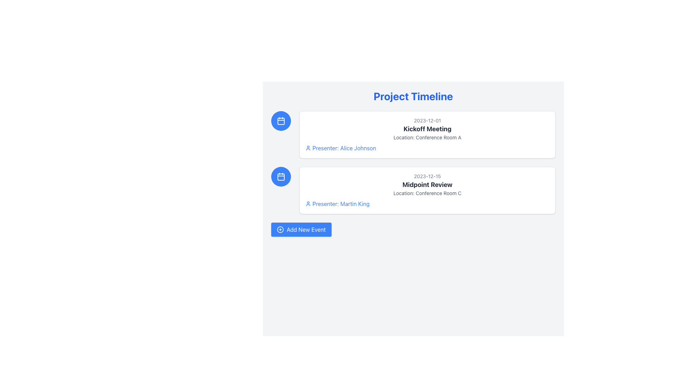 This screenshot has height=381, width=678. I want to click on the circular icon with a blue background and a white plus symbol, located to the left of the 'Add New Event' button, so click(280, 230).